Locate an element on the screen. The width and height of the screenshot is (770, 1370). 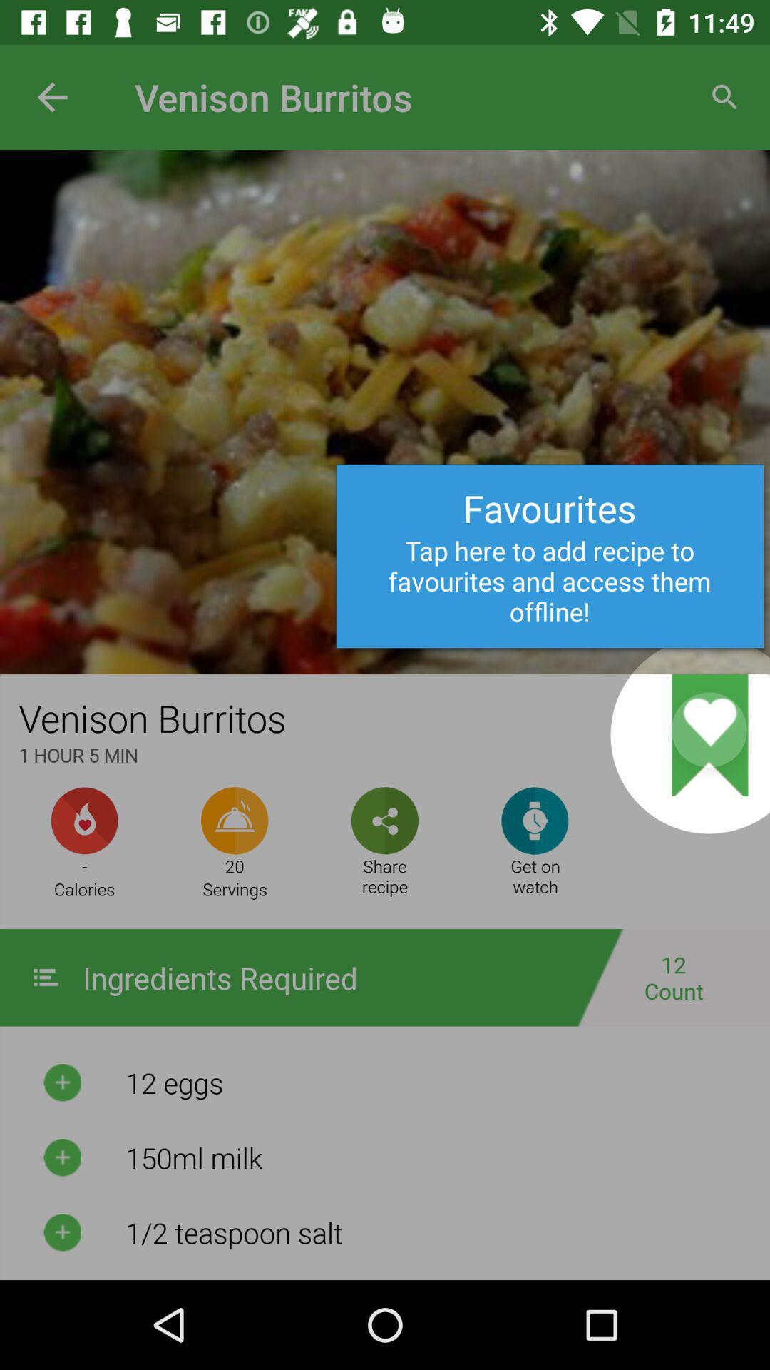
the favourites icon is located at coordinates (571, 697).